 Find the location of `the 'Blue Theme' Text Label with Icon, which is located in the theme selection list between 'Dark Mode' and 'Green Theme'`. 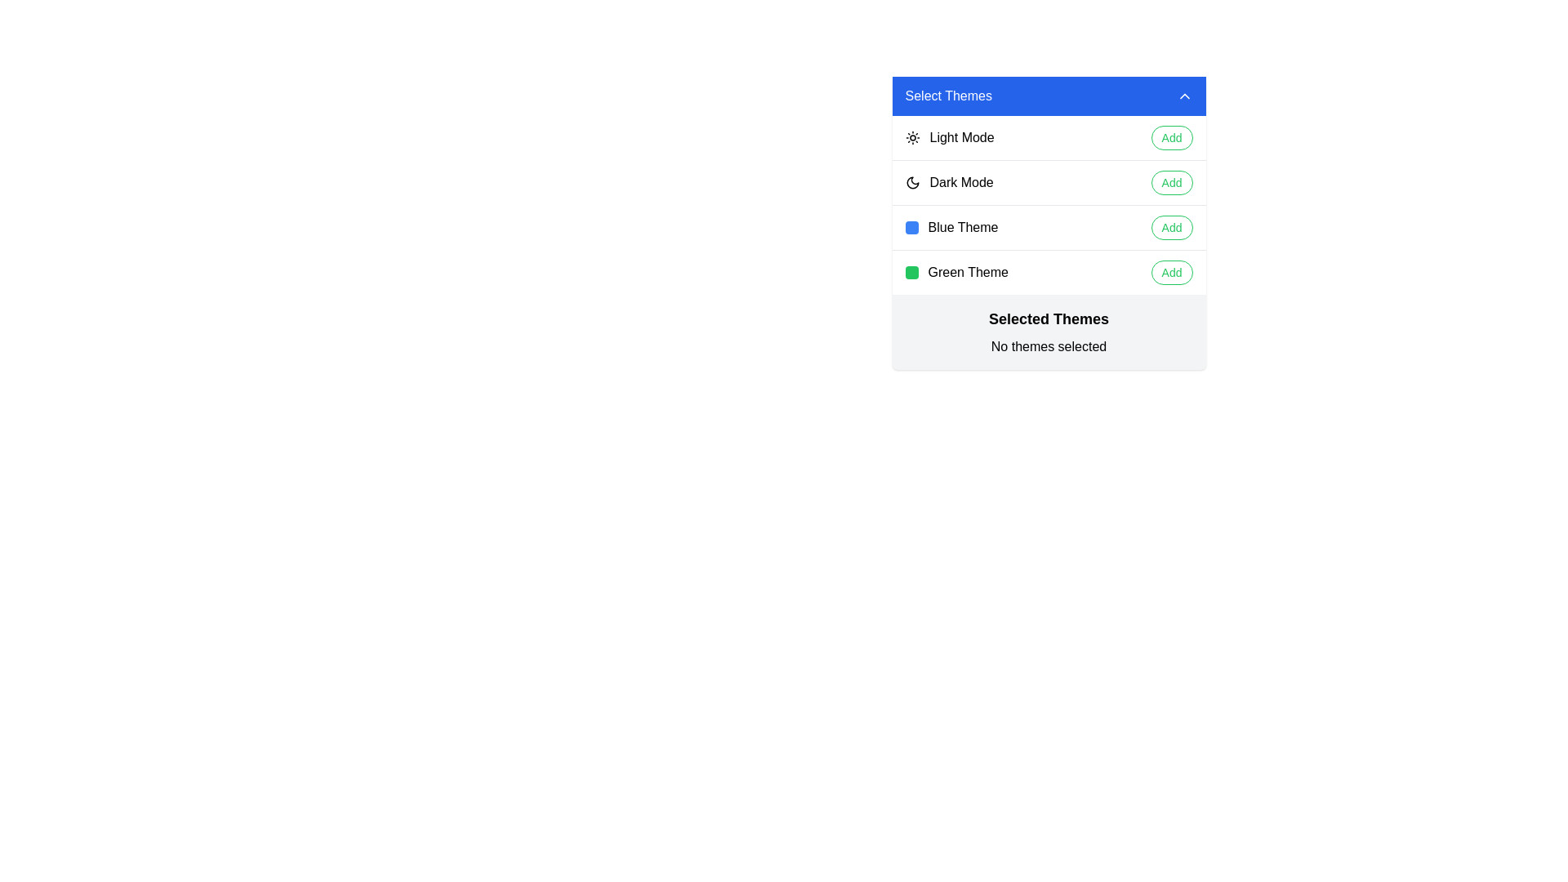

the 'Blue Theme' Text Label with Icon, which is located in the theme selection list between 'Dark Mode' and 'Green Theme' is located at coordinates (951, 227).